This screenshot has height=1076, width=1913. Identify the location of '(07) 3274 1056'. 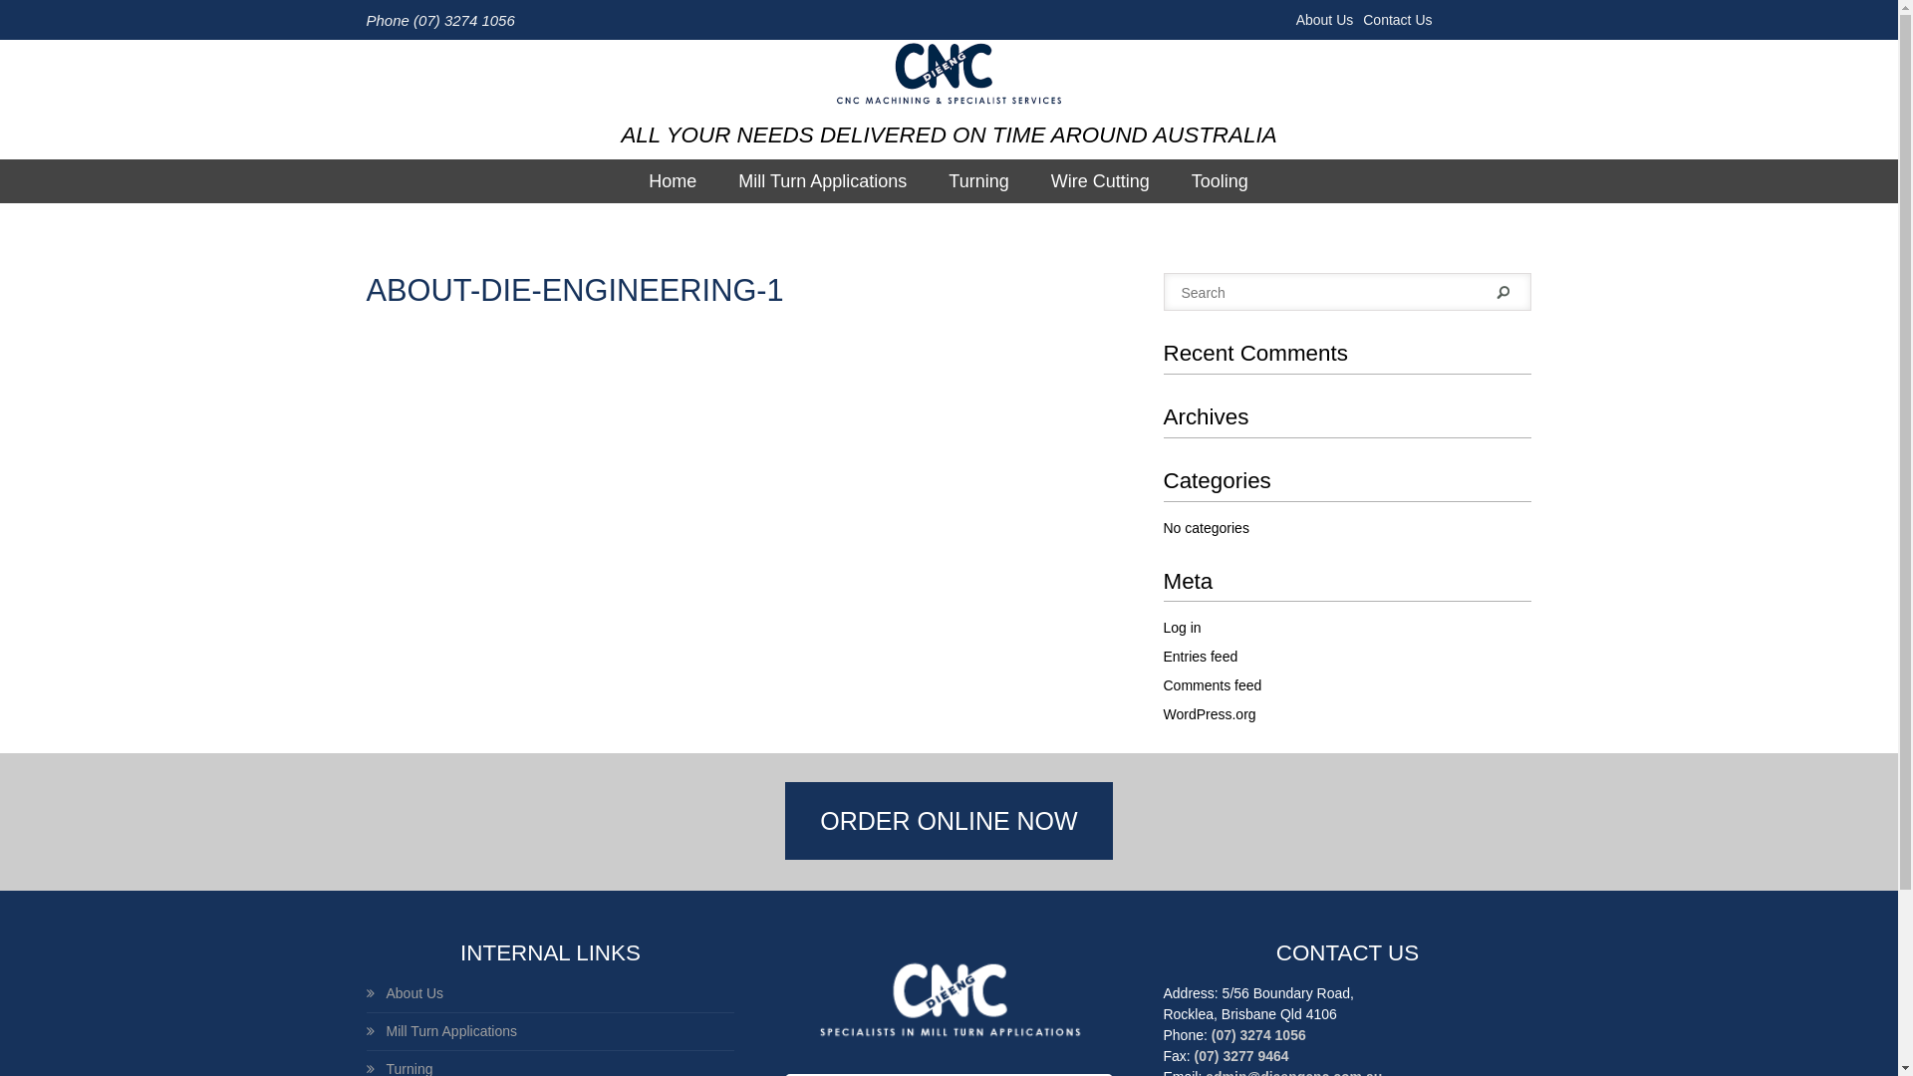
(1257, 1033).